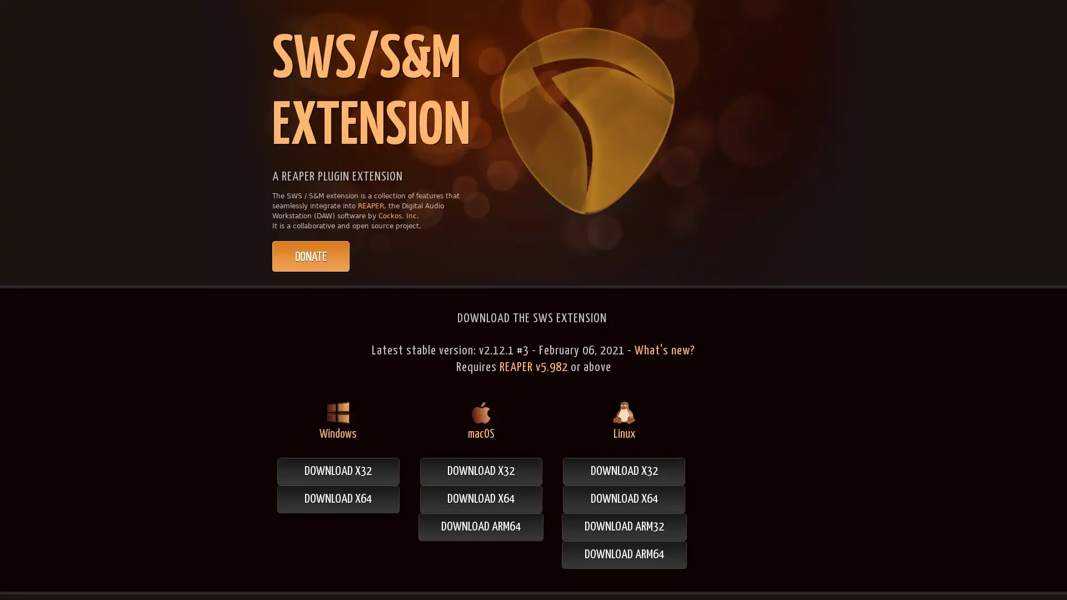 The image size is (1067, 600). I want to click on PayPal, so click(311, 256).